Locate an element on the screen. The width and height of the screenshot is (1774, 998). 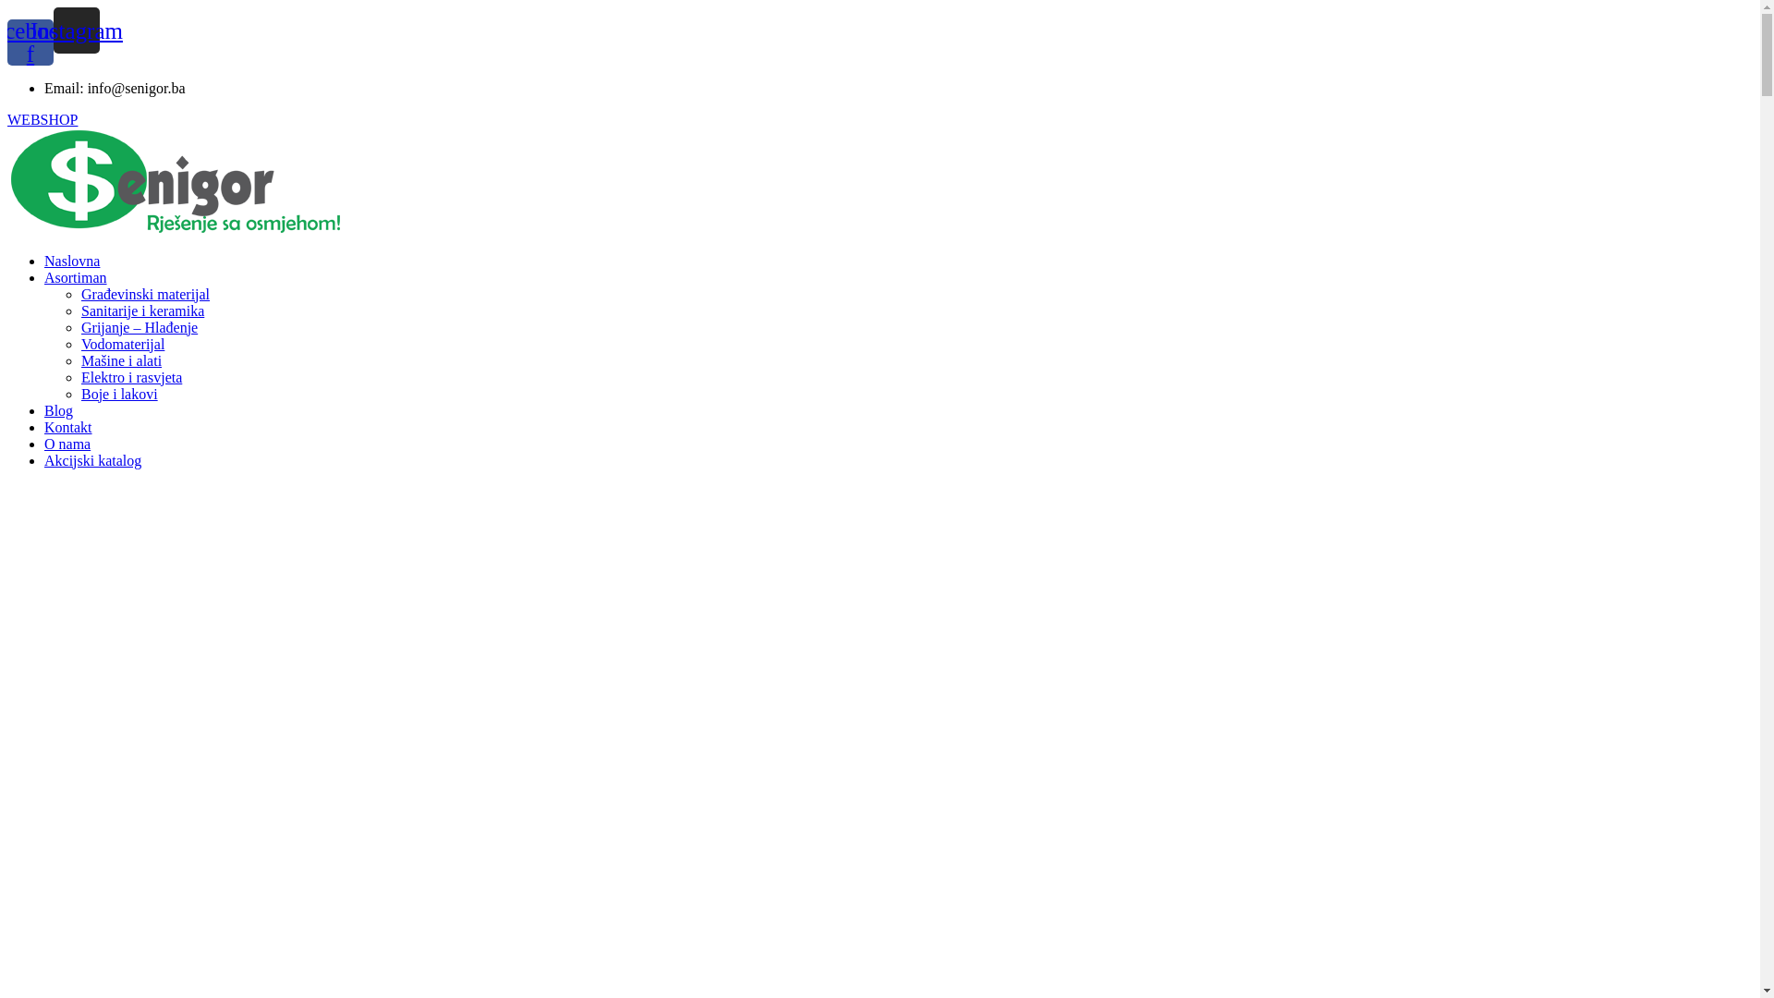
'Instagram' is located at coordinates (75, 30).